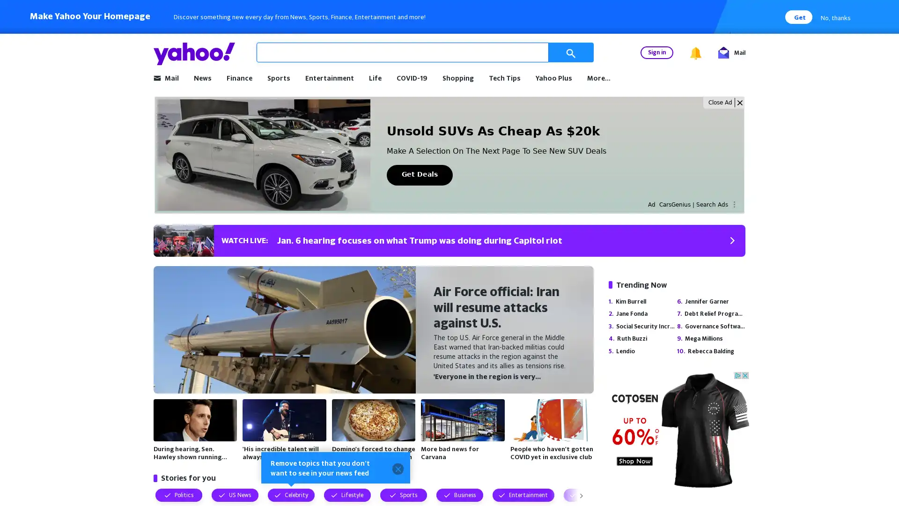 The image size is (899, 506). What do you see at coordinates (798, 17) in the screenshot?
I see `Get` at bounding box center [798, 17].